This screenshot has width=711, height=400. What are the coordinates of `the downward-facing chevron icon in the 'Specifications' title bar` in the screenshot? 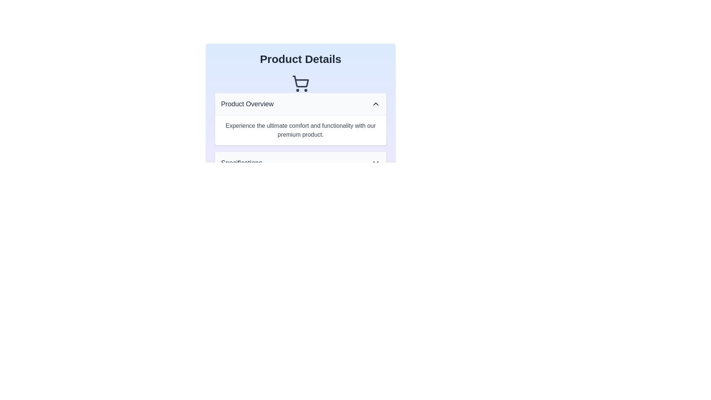 It's located at (375, 162).